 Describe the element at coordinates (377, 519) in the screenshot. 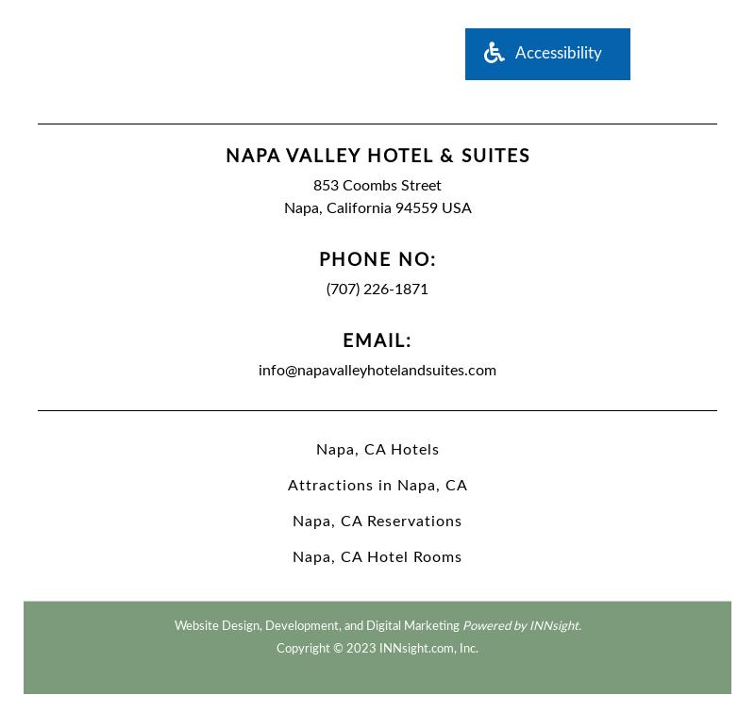

I see `'Napa, CA Reservations'` at that location.